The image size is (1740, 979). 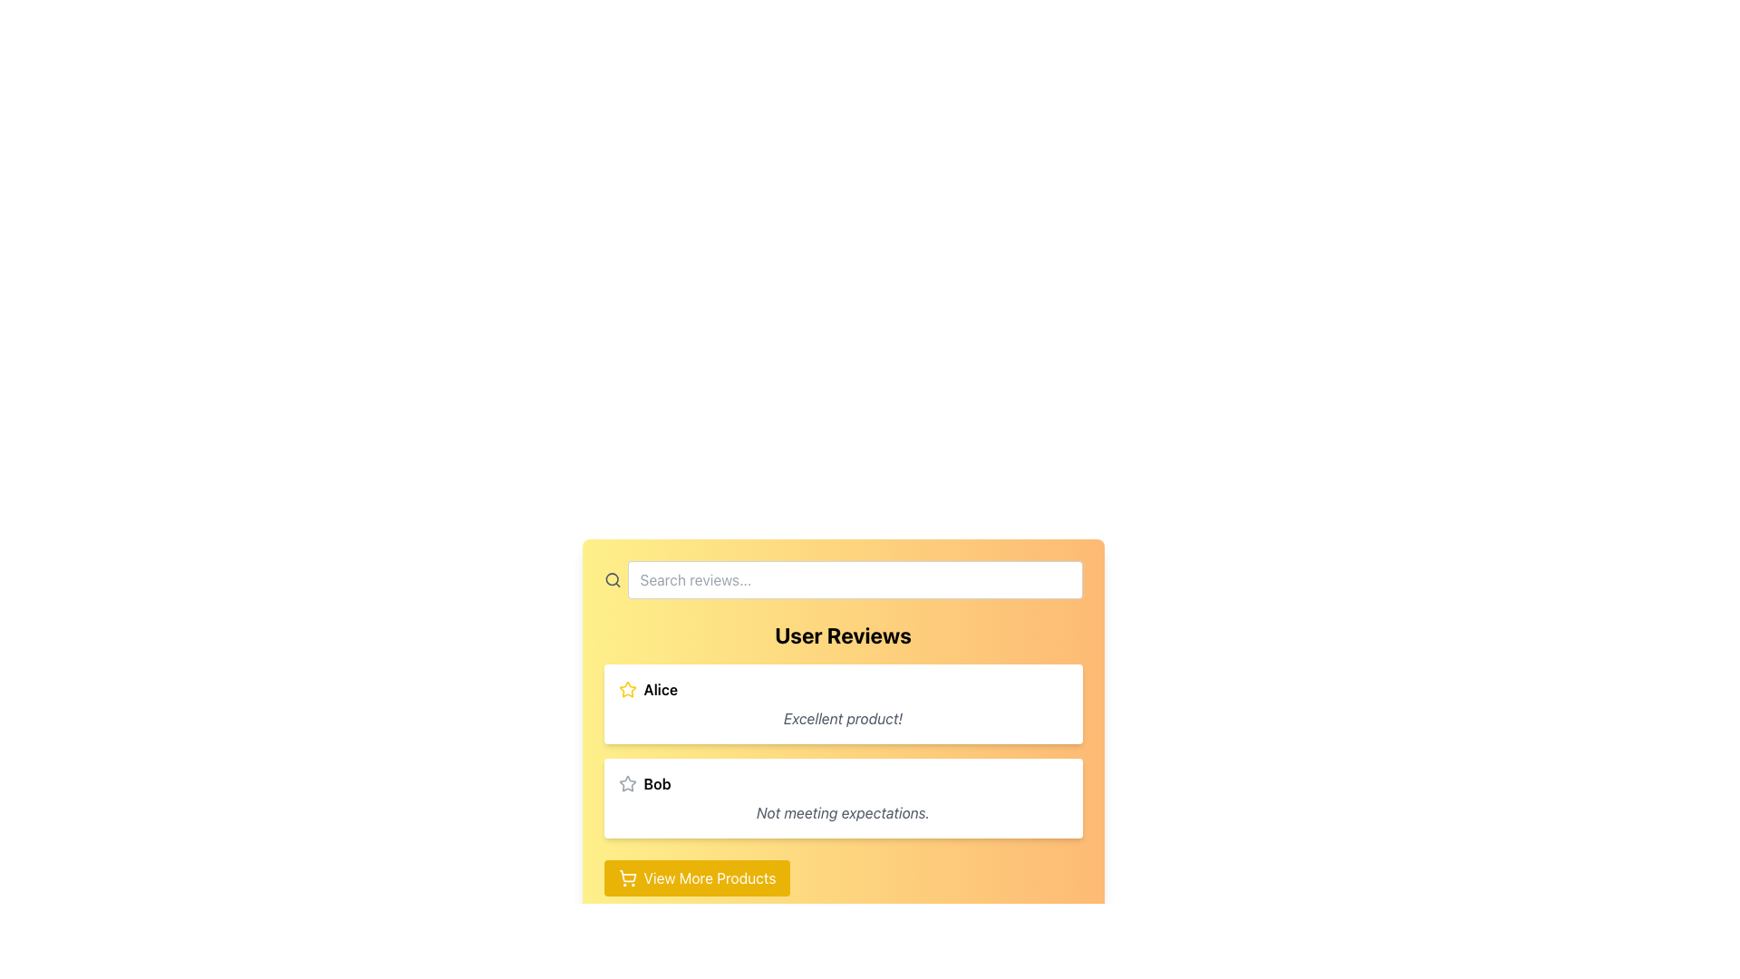 I want to click on the shopping cart icon located inside the 'View More Products' button at the bottom of the user interface, so click(x=627, y=877).